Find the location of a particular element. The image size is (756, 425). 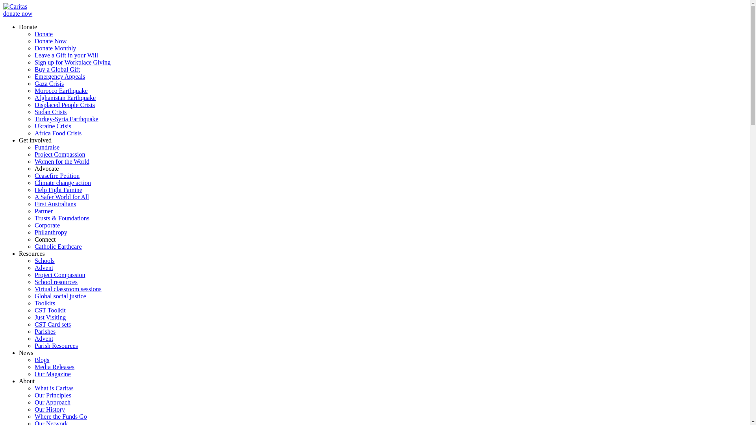

'Emergency Appeals' is located at coordinates (59, 76).